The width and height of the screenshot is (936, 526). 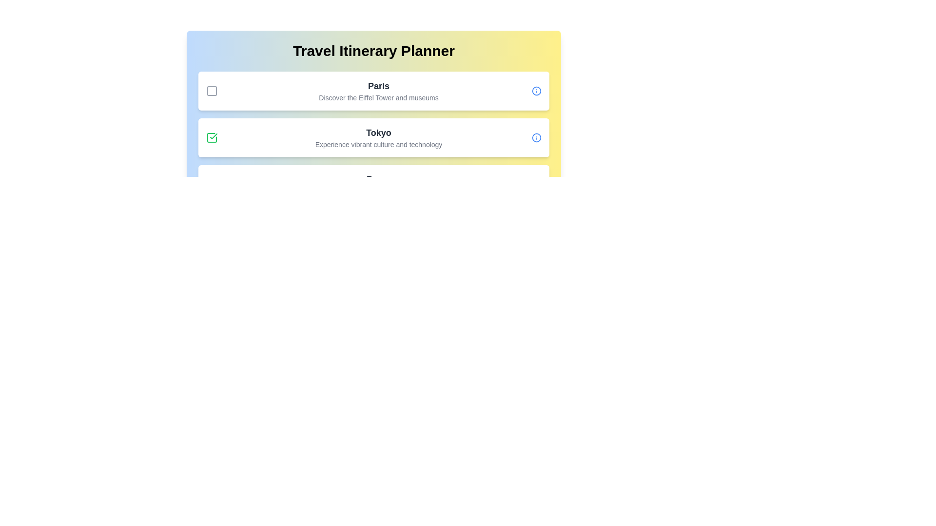 What do you see at coordinates (536, 91) in the screenshot?
I see `the blue circular informational icon with an 'i' symbol located to the right of the 'Discover the Eiffel Tower and museums' text in the 'Travel Itinerary Planner' list` at bounding box center [536, 91].